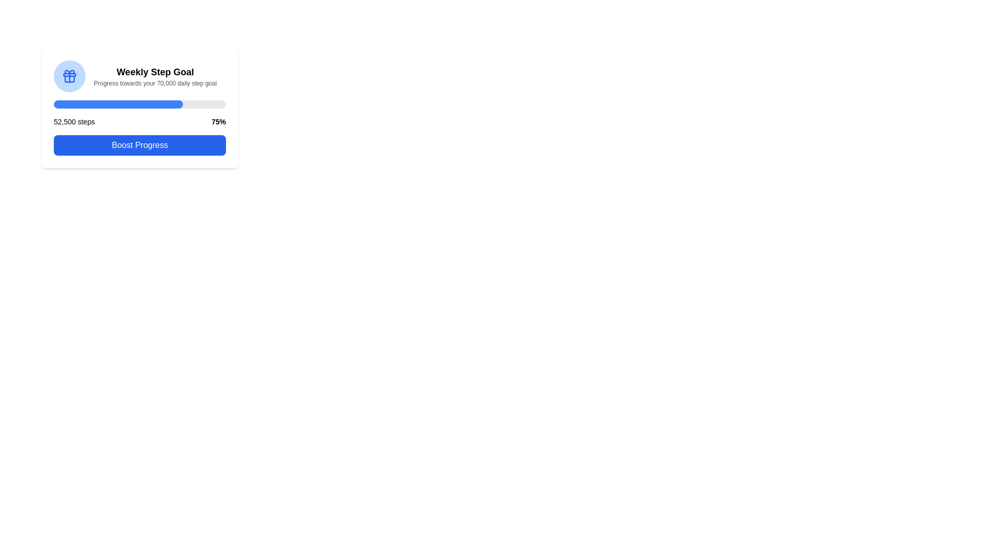 Image resolution: width=984 pixels, height=553 pixels. I want to click on the 'Weekly Step Goal' Textual Information Block which includes a bold headline and a description, located at the top section of a rectangular card, so click(139, 76).